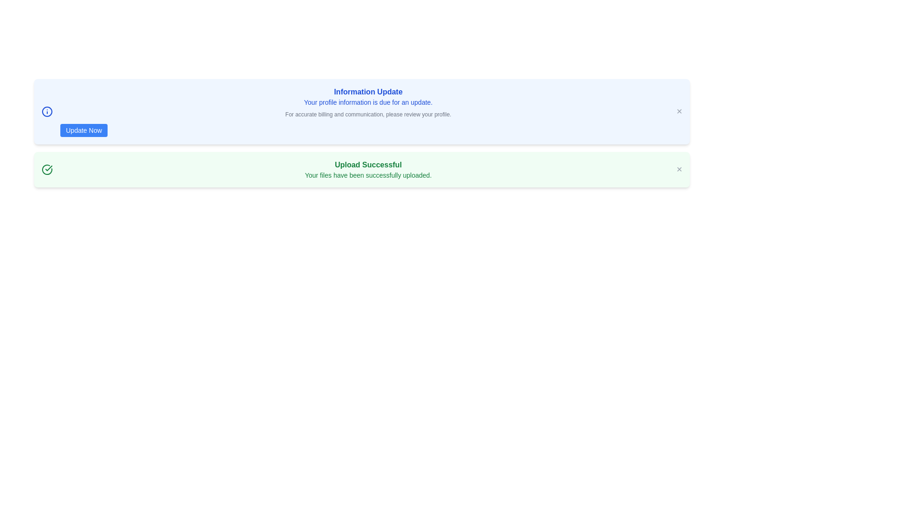 The width and height of the screenshot is (898, 505). I want to click on the static text component that confirms the successful file upload, which is located in the center of a light green notification box, so click(368, 169).